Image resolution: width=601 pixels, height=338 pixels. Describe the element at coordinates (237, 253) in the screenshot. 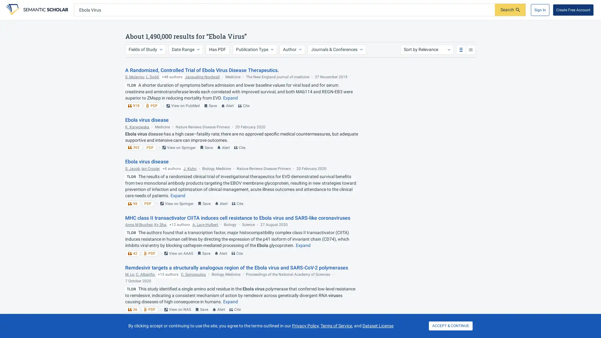

I see `Cite this paper` at that location.